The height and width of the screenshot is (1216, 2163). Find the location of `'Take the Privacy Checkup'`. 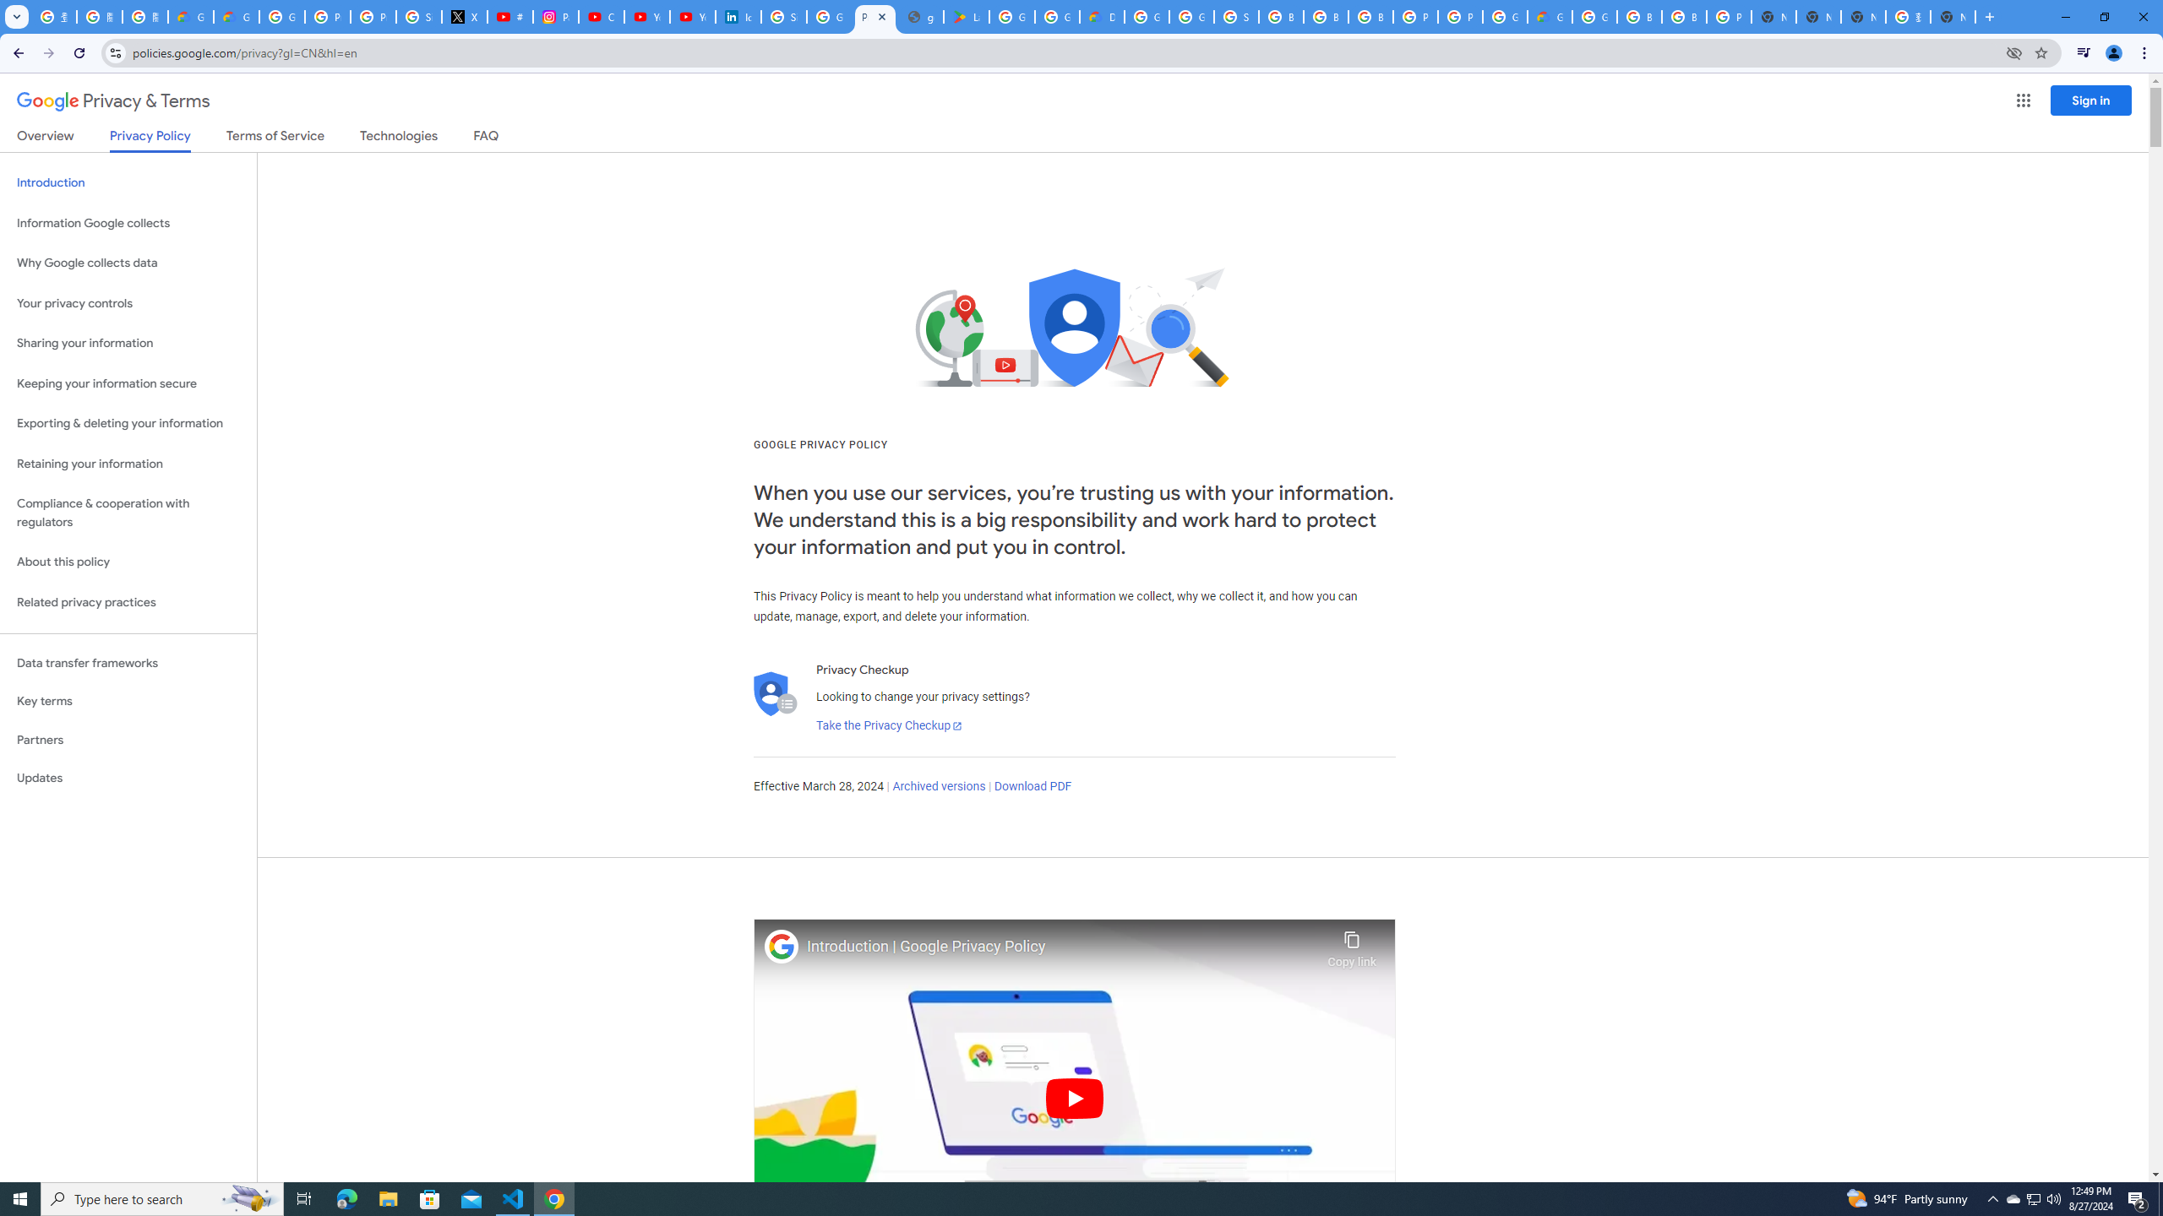

'Take the Privacy Checkup' is located at coordinates (888, 725).